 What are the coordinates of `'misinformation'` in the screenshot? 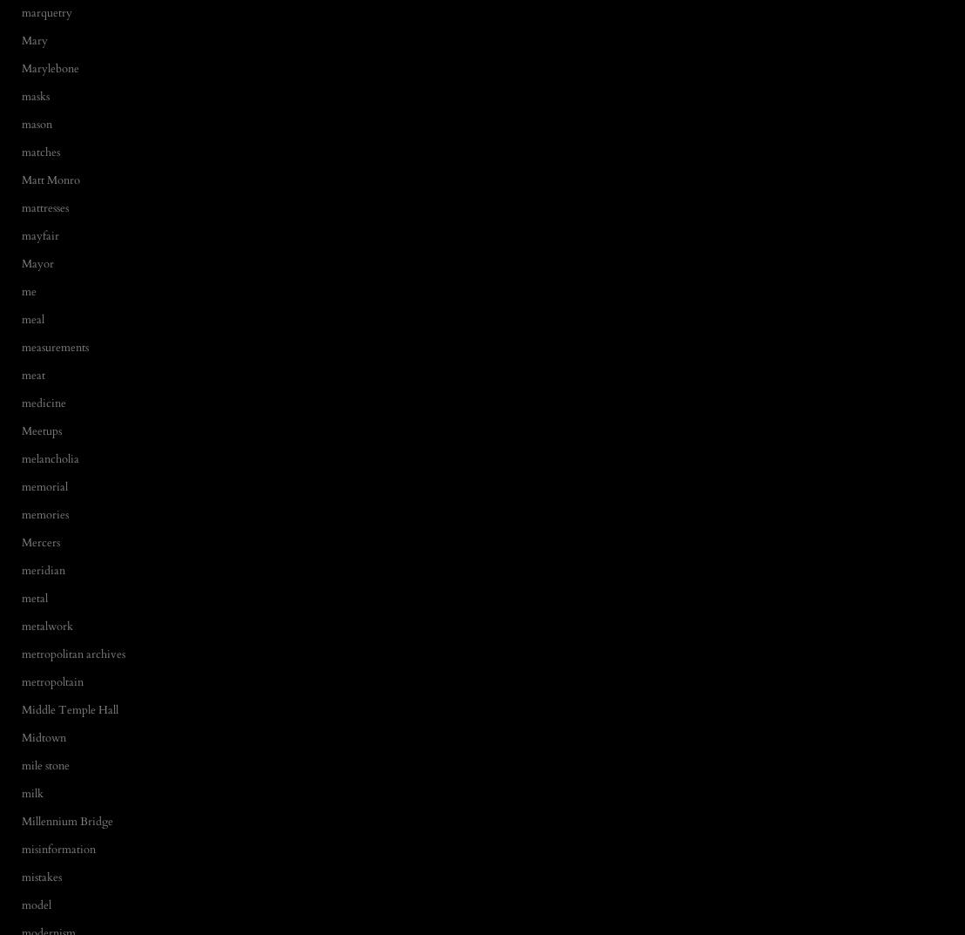 It's located at (57, 847).